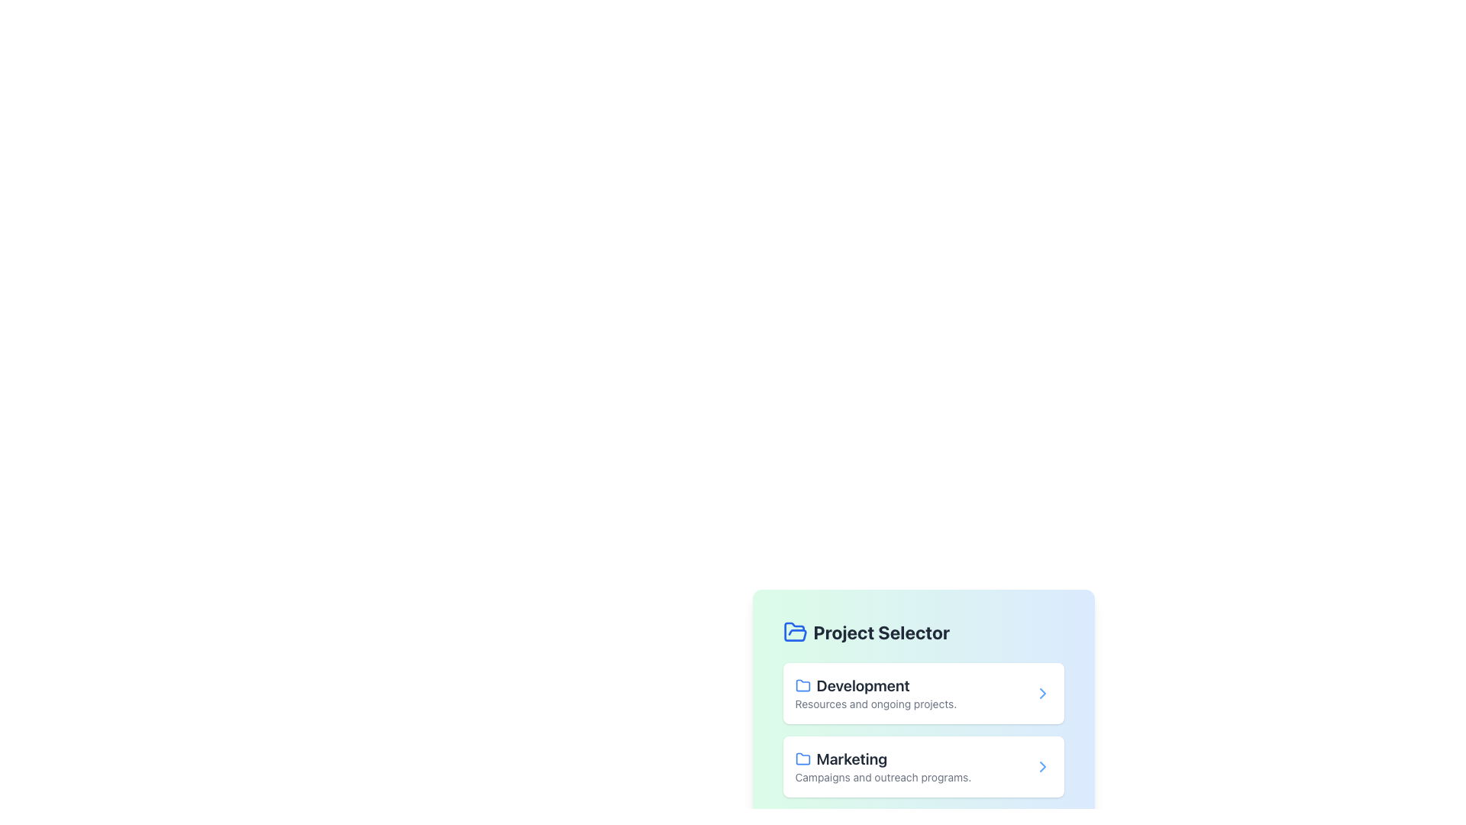 The width and height of the screenshot is (1466, 825). What do you see at coordinates (883, 778) in the screenshot?
I see `the descriptive subtitle text for the 'Marketing' card in the 'Project Selector' interface, which is positioned below the bold 'Marketing' text` at bounding box center [883, 778].